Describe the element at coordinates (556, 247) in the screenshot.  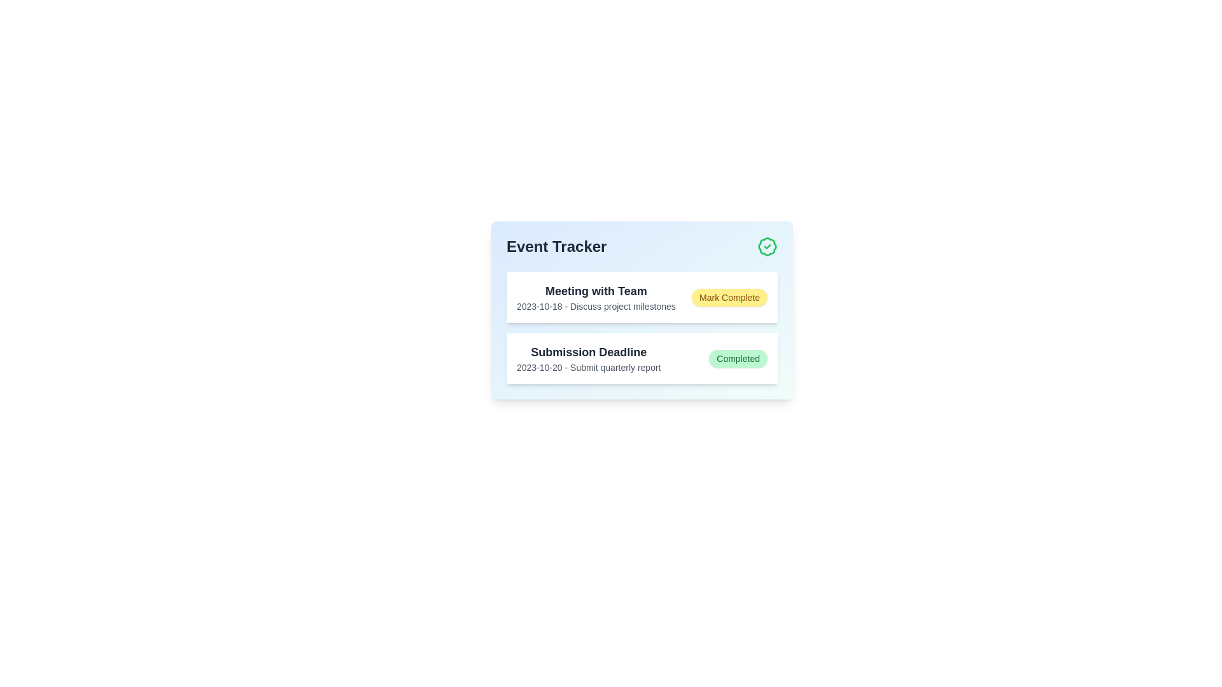
I see `text content of the title located at the top-left corner of the blue card interface, which indicates the event tracking feature` at that location.